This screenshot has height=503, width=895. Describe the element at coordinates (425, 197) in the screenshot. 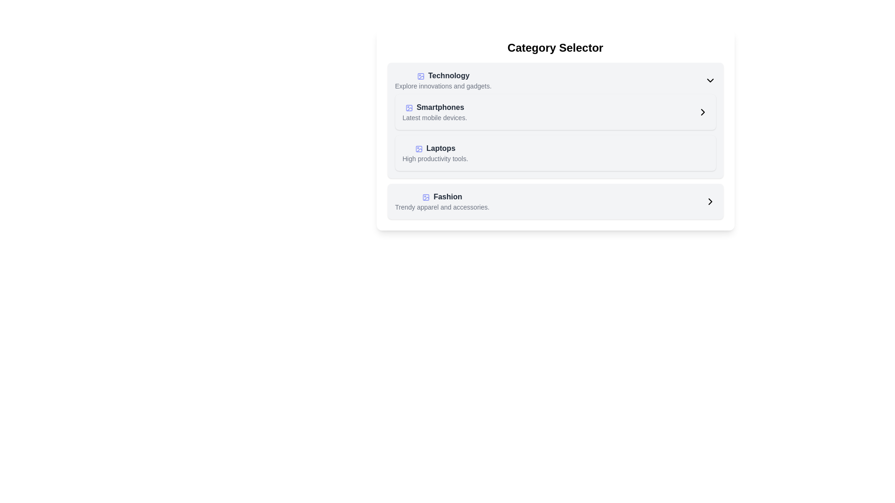

I see `the fashion category icon, which is located leftmost` at that location.